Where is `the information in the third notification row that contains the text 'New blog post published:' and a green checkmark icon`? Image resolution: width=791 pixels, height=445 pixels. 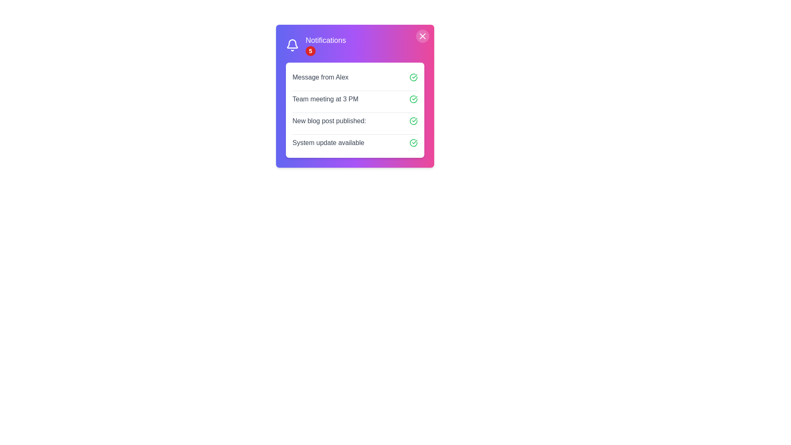 the information in the third notification row that contains the text 'New blog post published:' and a green checkmark icon is located at coordinates (355, 121).